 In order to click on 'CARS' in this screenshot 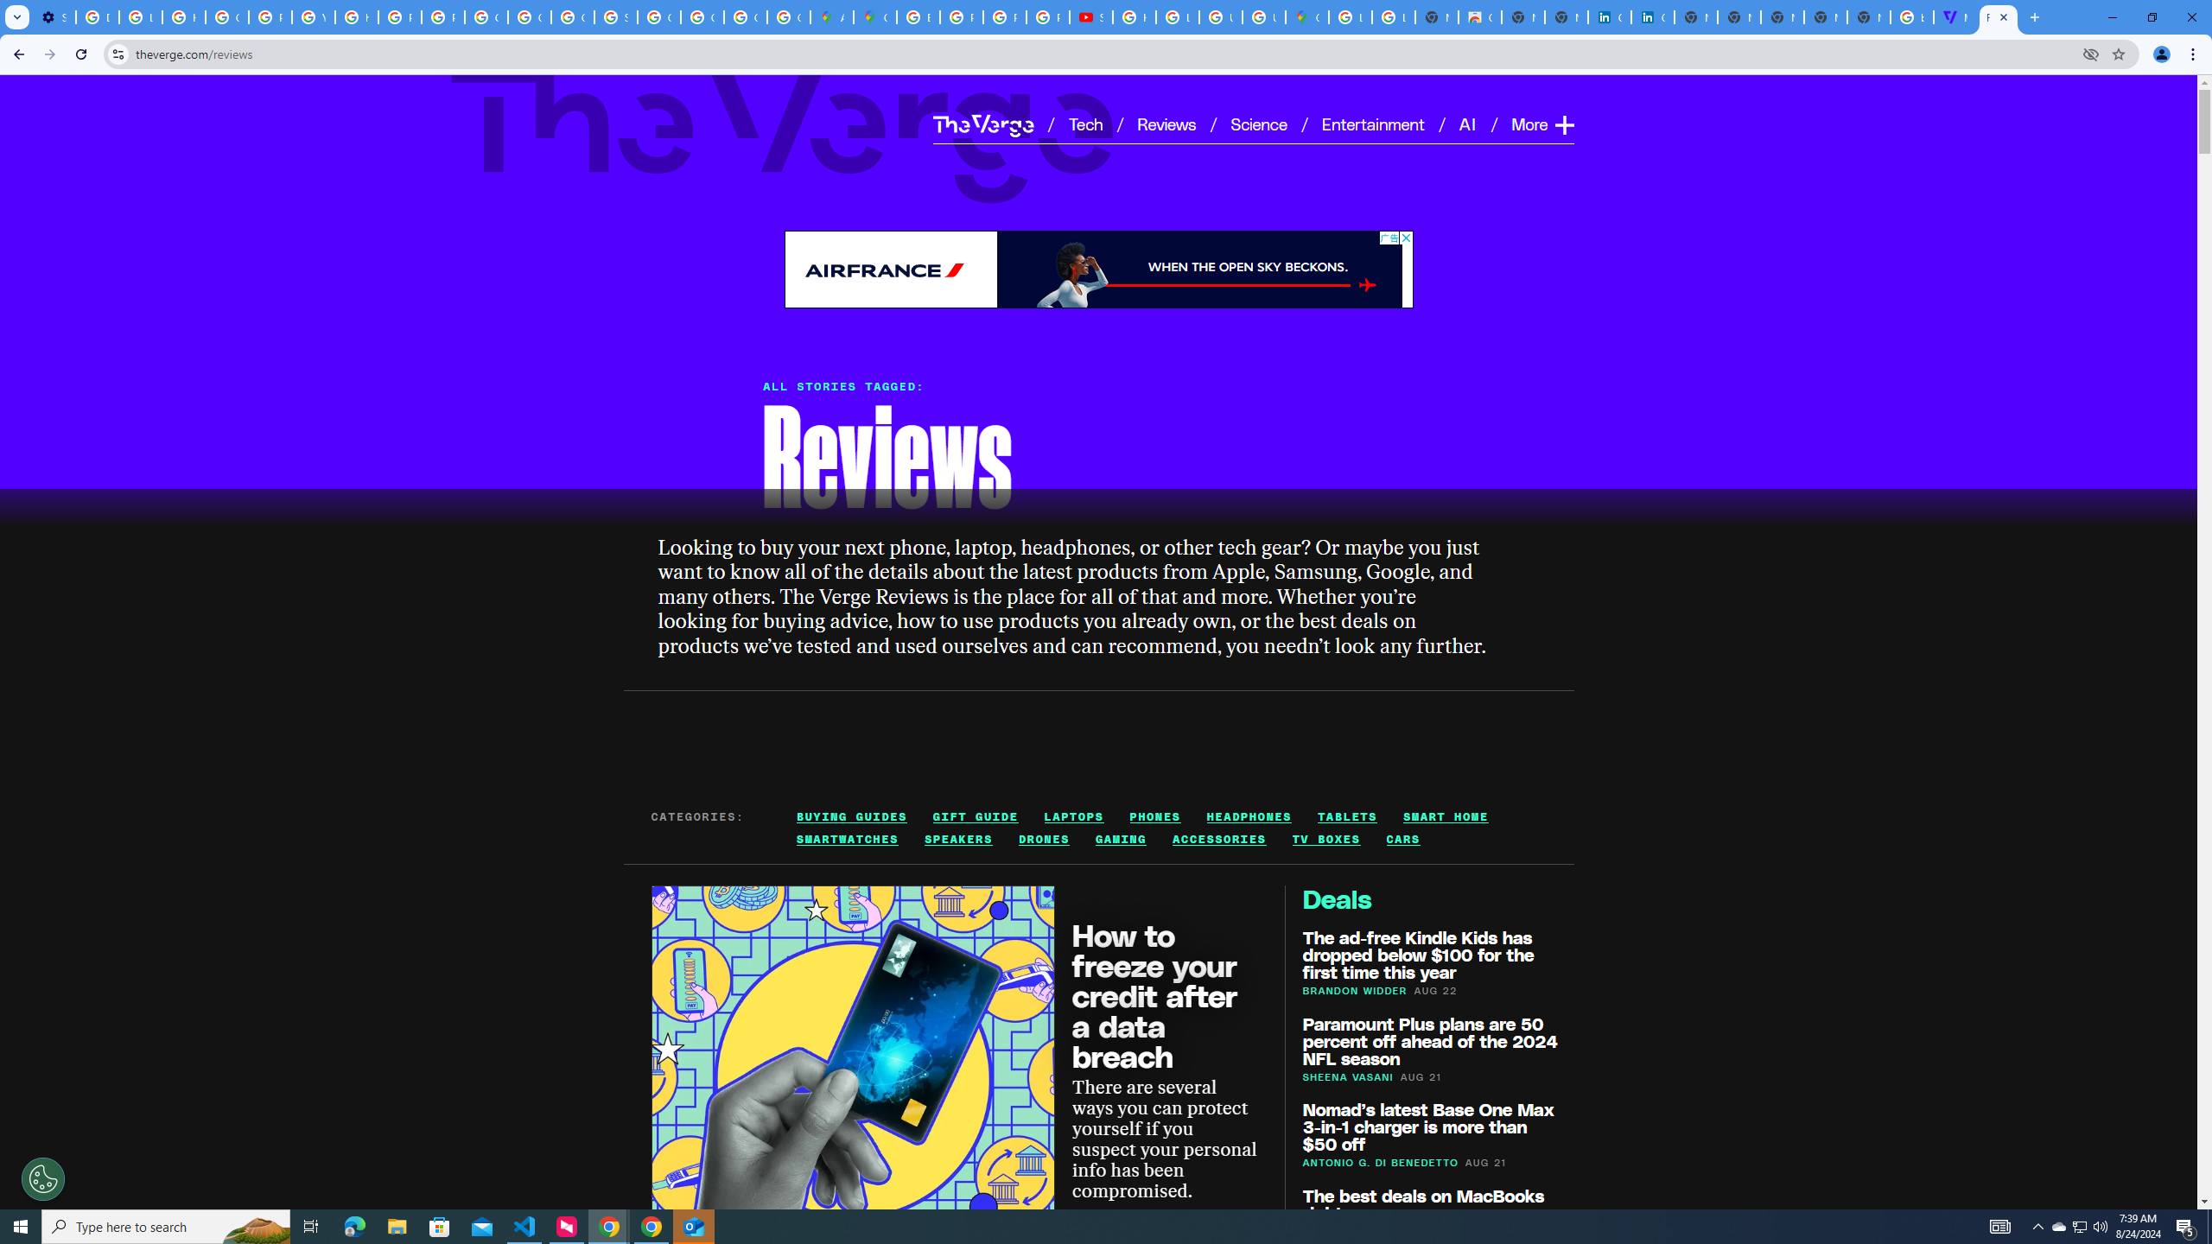, I will do `click(1402, 840)`.